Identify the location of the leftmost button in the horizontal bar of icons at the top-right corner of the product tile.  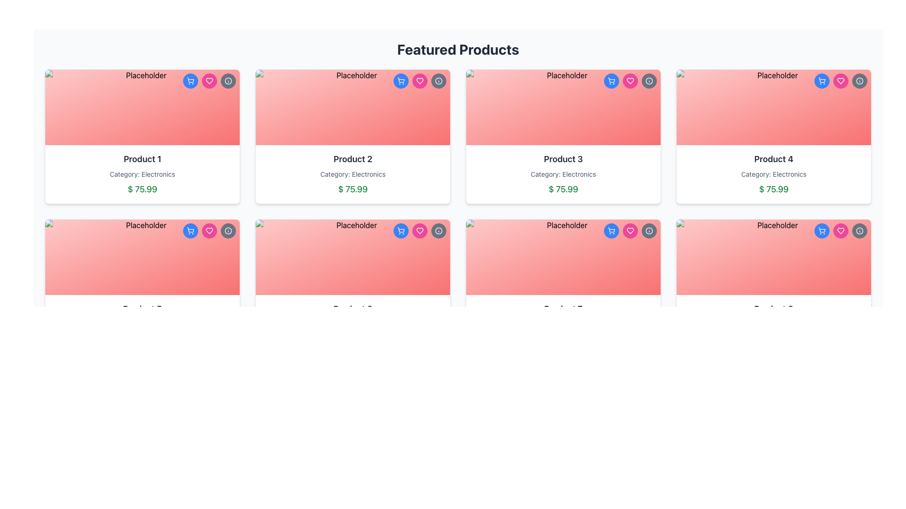
(401, 230).